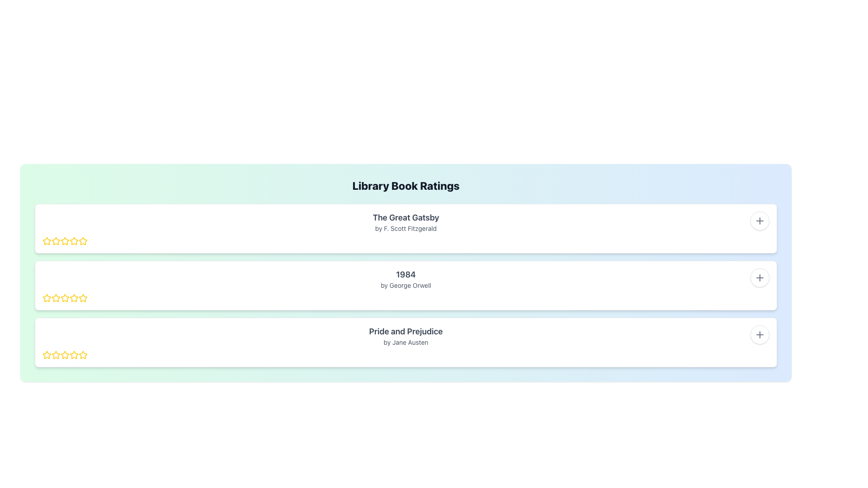 The height and width of the screenshot is (488, 868). What do you see at coordinates (56, 355) in the screenshot?
I see `the third yellow star icon in the rating system for the book 'Pride and Prejudice'` at bounding box center [56, 355].